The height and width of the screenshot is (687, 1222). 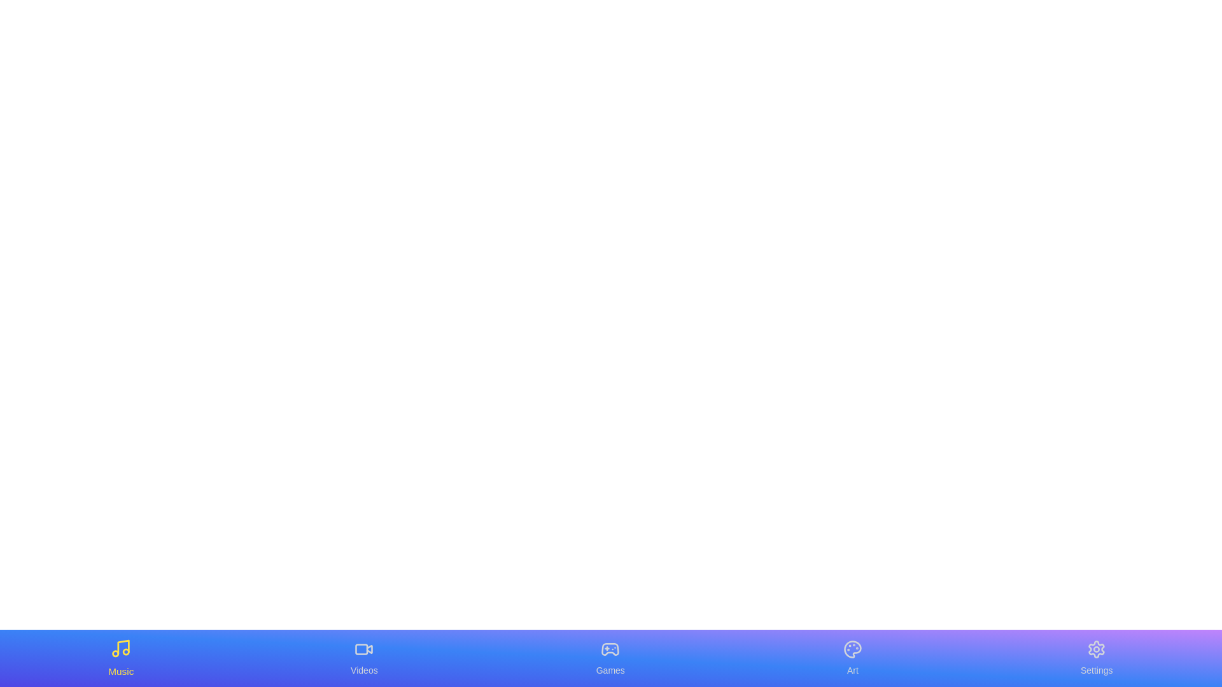 What do you see at coordinates (852, 658) in the screenshot?
I see `the Art tab by clicking on its icon` at bounding box center [852, 658].